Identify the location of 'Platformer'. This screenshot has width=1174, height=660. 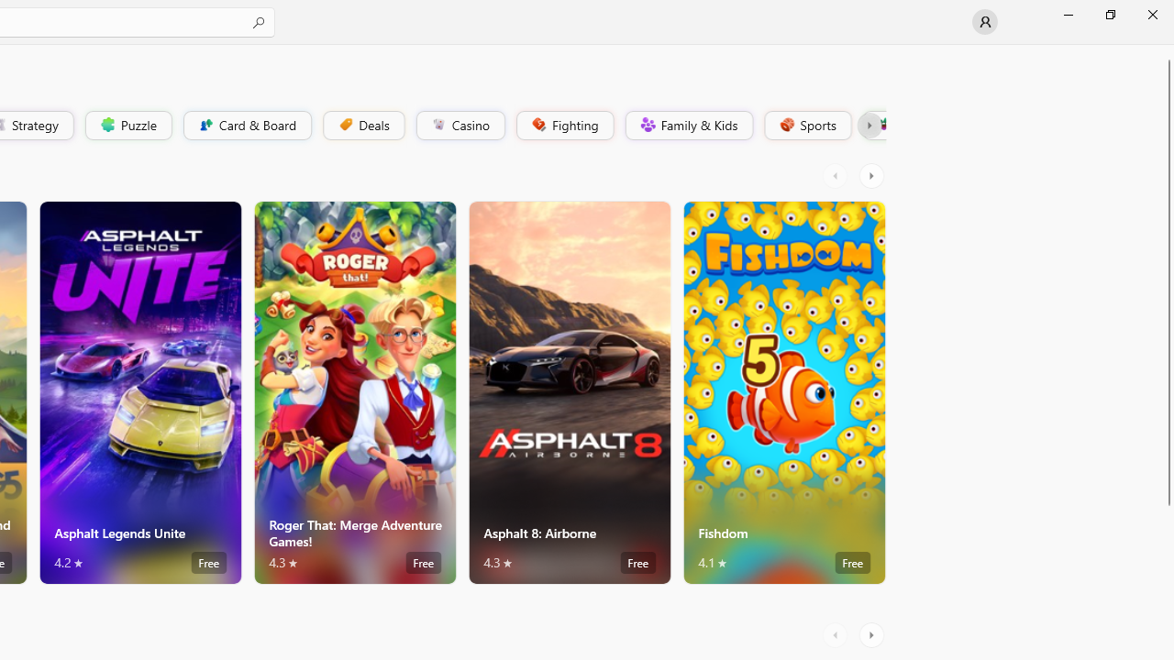
(872, 124).